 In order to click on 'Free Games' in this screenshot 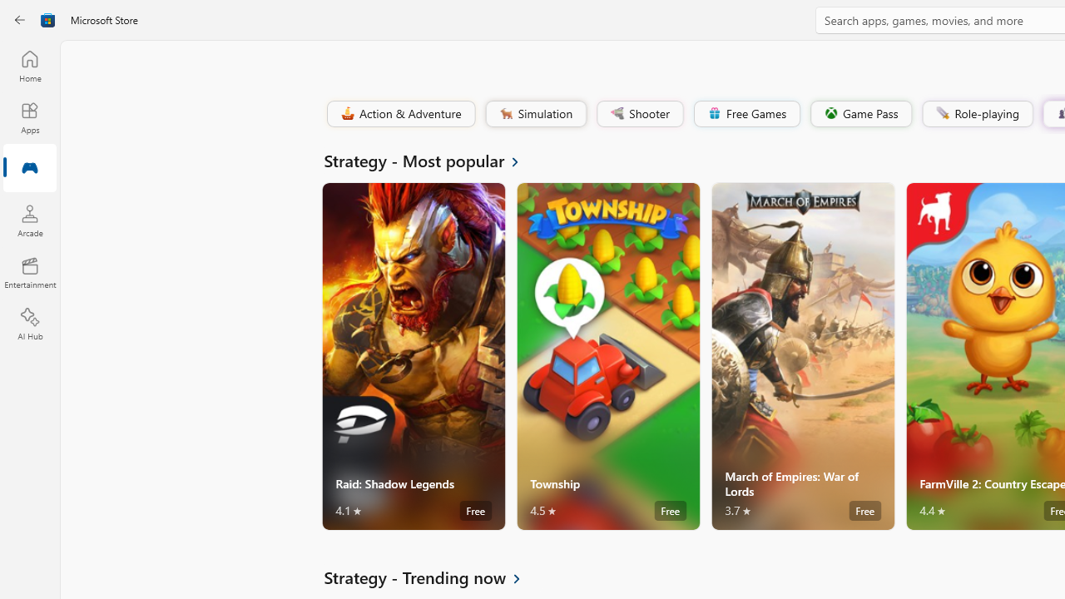, I will do `click(745, 112)`.